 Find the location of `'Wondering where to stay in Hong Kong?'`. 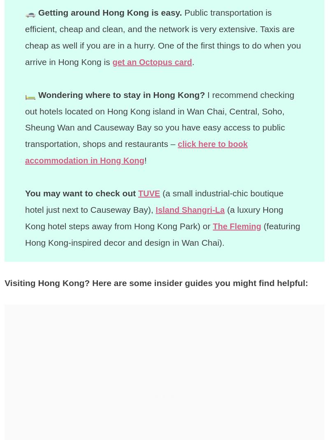

'Wondering where to stay in Hong Kong?' is located at coordinates (121, 94).